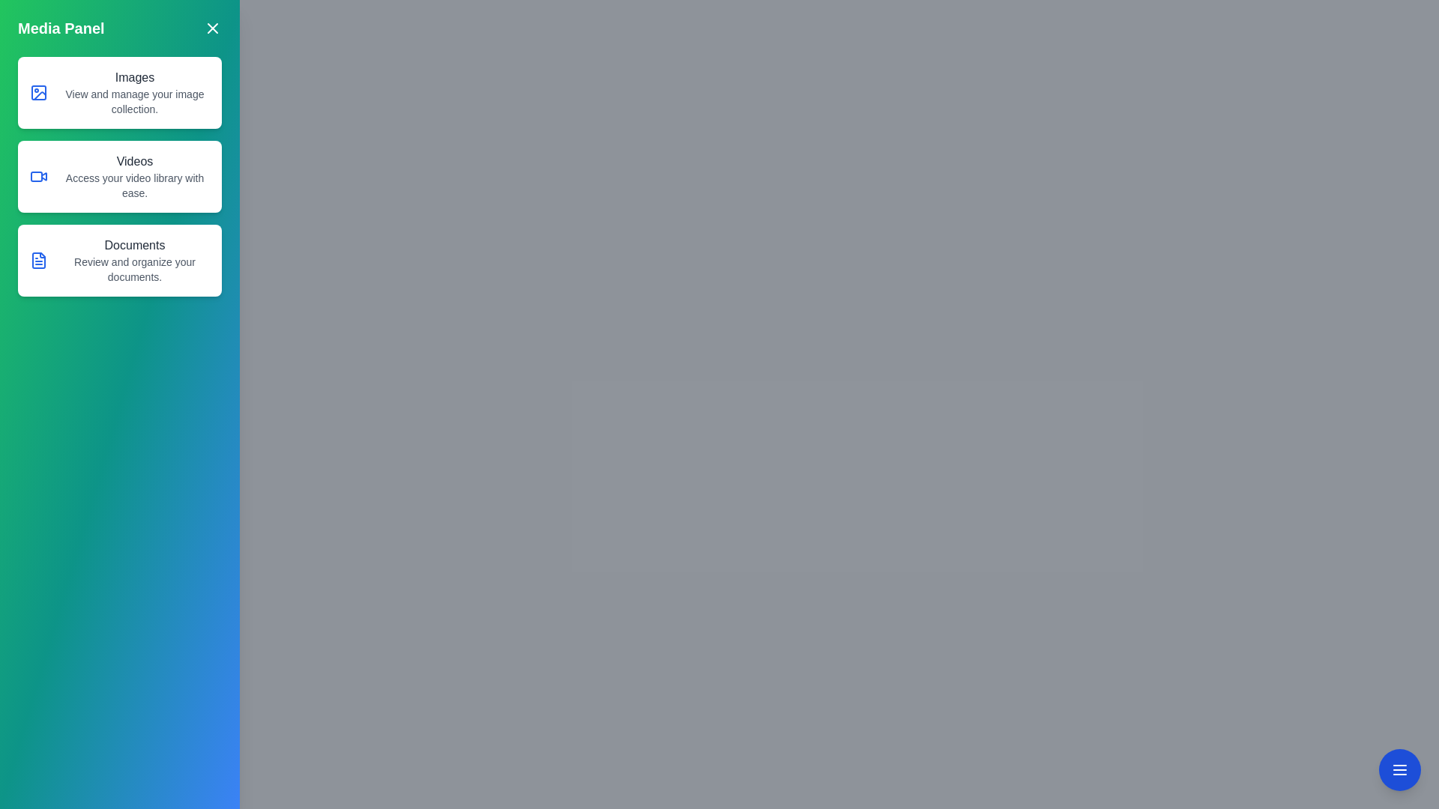 Image resolution: width=1439 pixels, height=809 pixels. What do you see at coordinates (39, 259) in the screenshot?
I see `the 'Documents' icon, which serves as the primary graphical indicator for the 'Documents' category in the interface, located to the left of the section's descriptive text` at bounding box center [39, 259].